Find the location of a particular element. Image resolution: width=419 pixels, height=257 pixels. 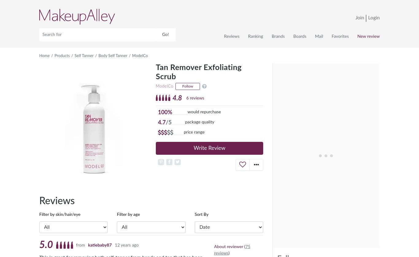

'would repurchase' is located at coordinates (187, 112).